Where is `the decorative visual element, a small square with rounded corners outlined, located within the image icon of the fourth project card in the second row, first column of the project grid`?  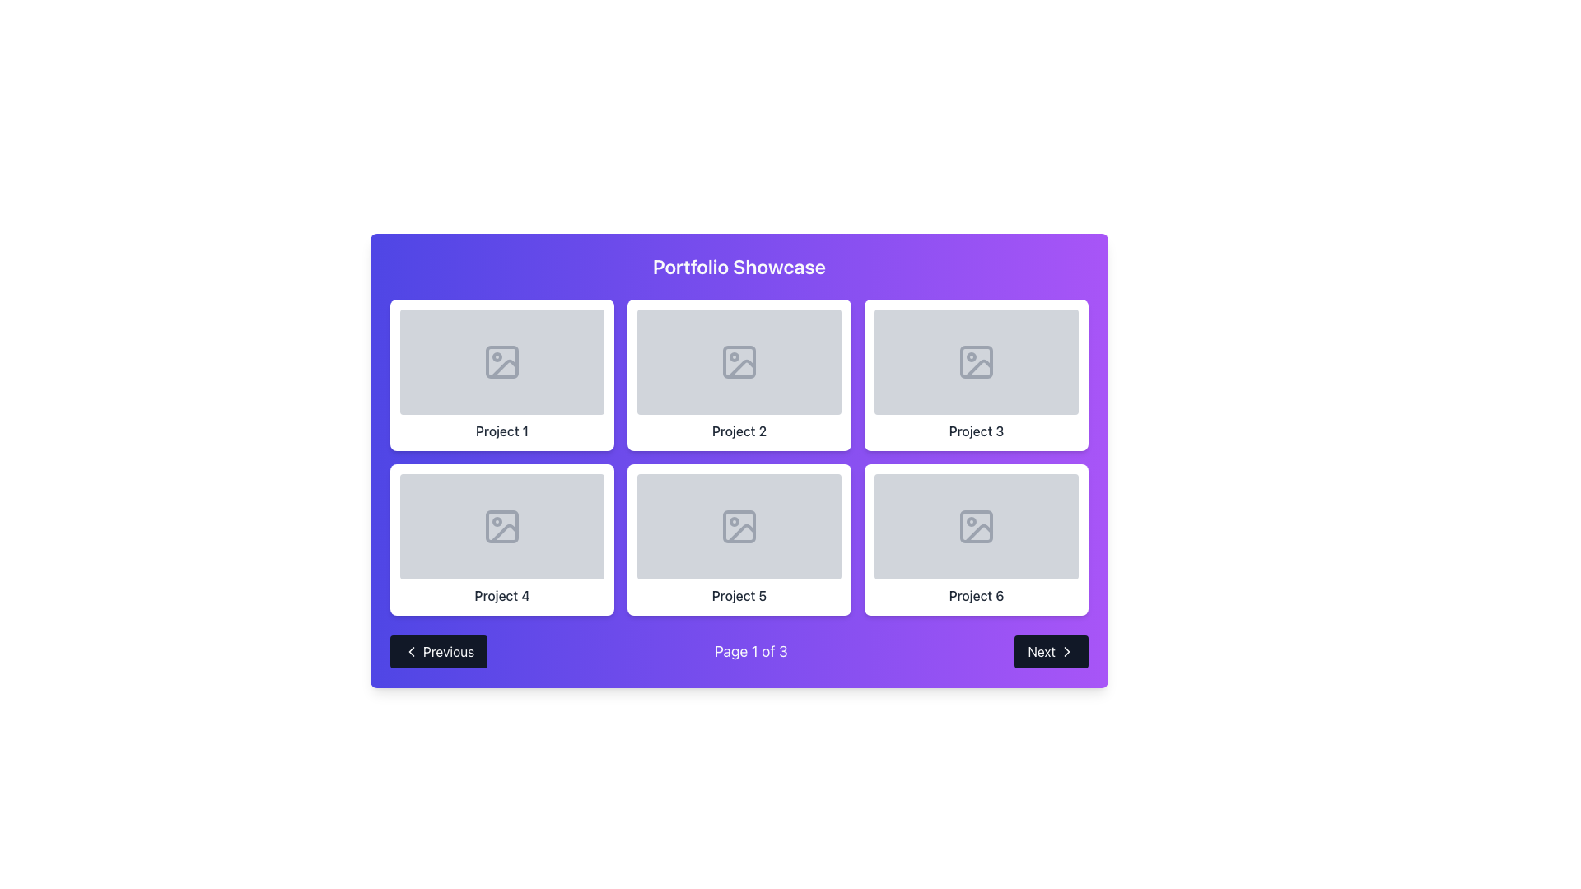
the decorative visual element, a small square with rounded corners outlined, located within the image icon of the fourth project card in the second row, first column of the project grid is located at coordinates (501, 527).